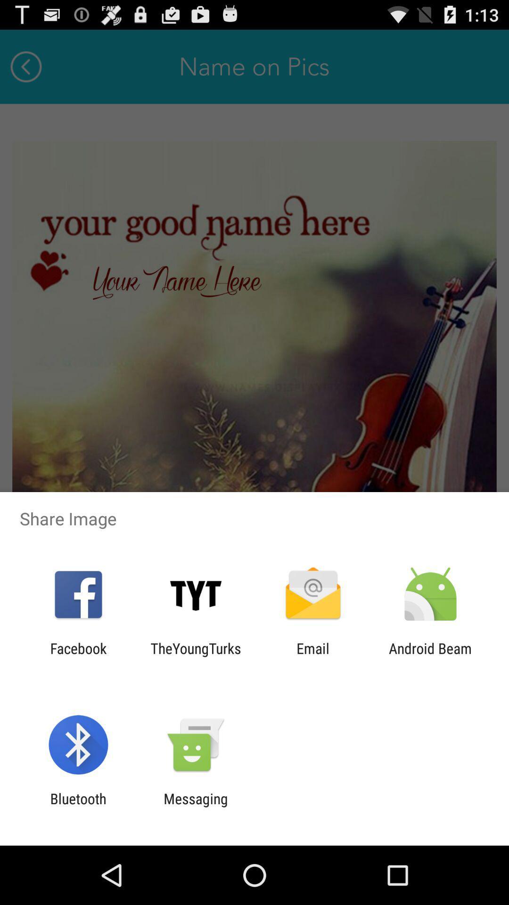  I want to click on the theyoungturks item, so click(195, 656).